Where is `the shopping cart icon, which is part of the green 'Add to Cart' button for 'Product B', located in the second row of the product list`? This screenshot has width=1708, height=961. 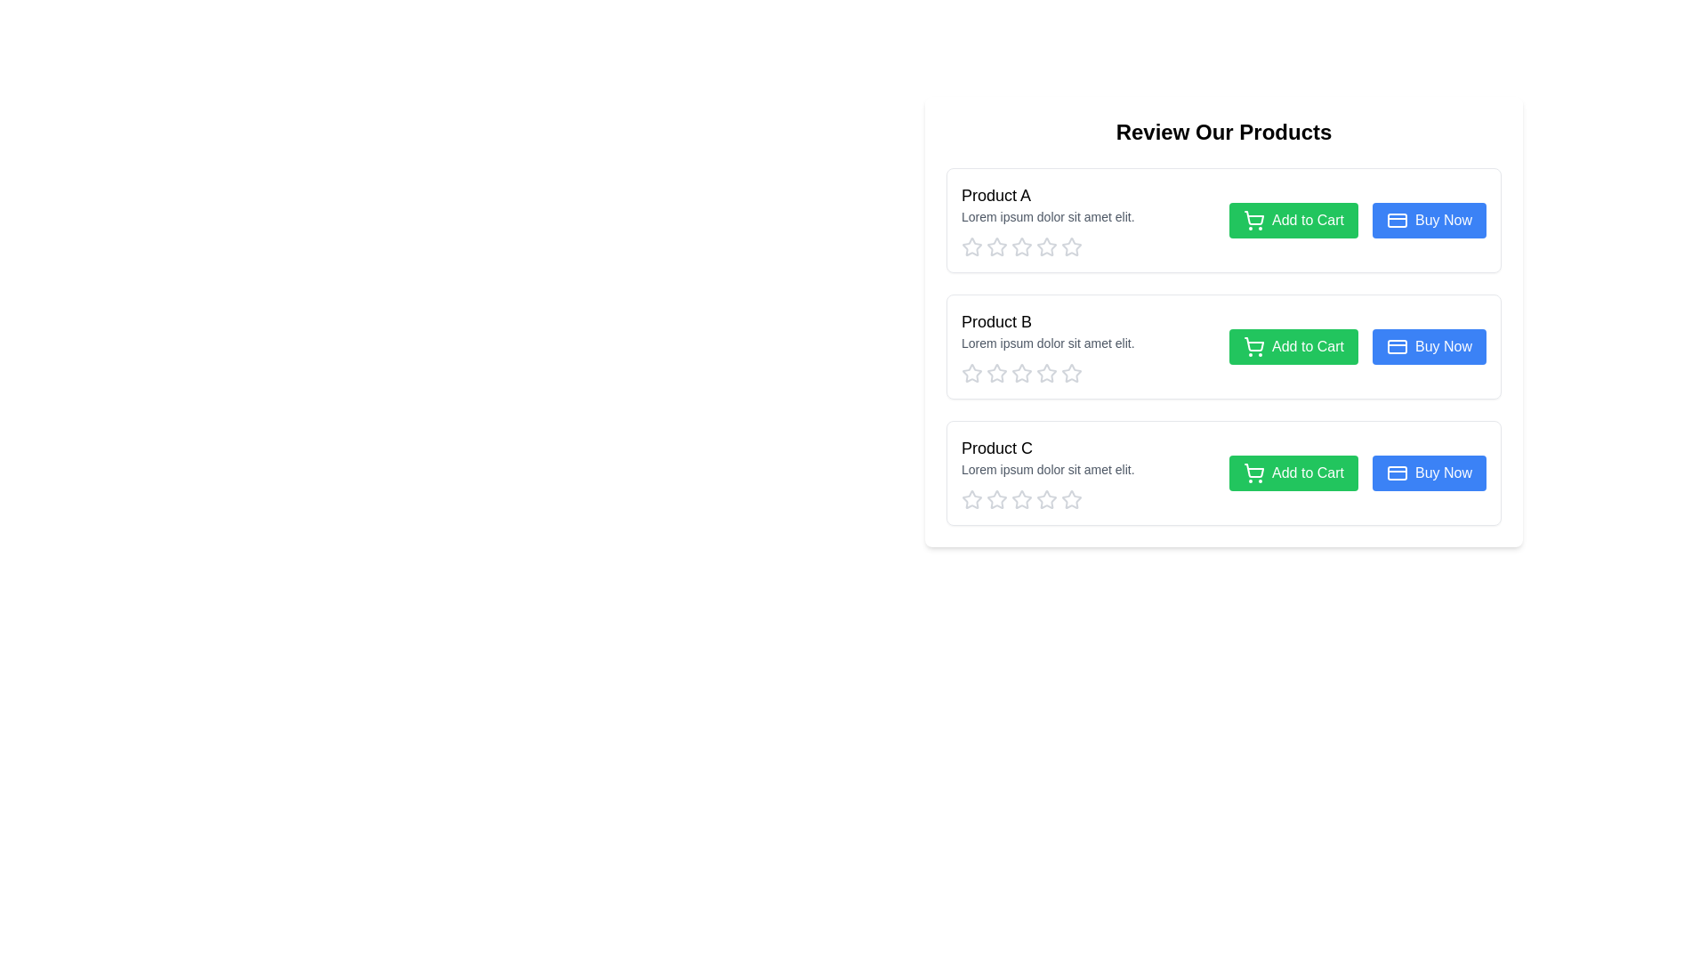 the shopping cart icon, which is part of the green 'Add to Cart' button for 'Product B', located in the second row of the product list is located at coordinates (1253, 344).